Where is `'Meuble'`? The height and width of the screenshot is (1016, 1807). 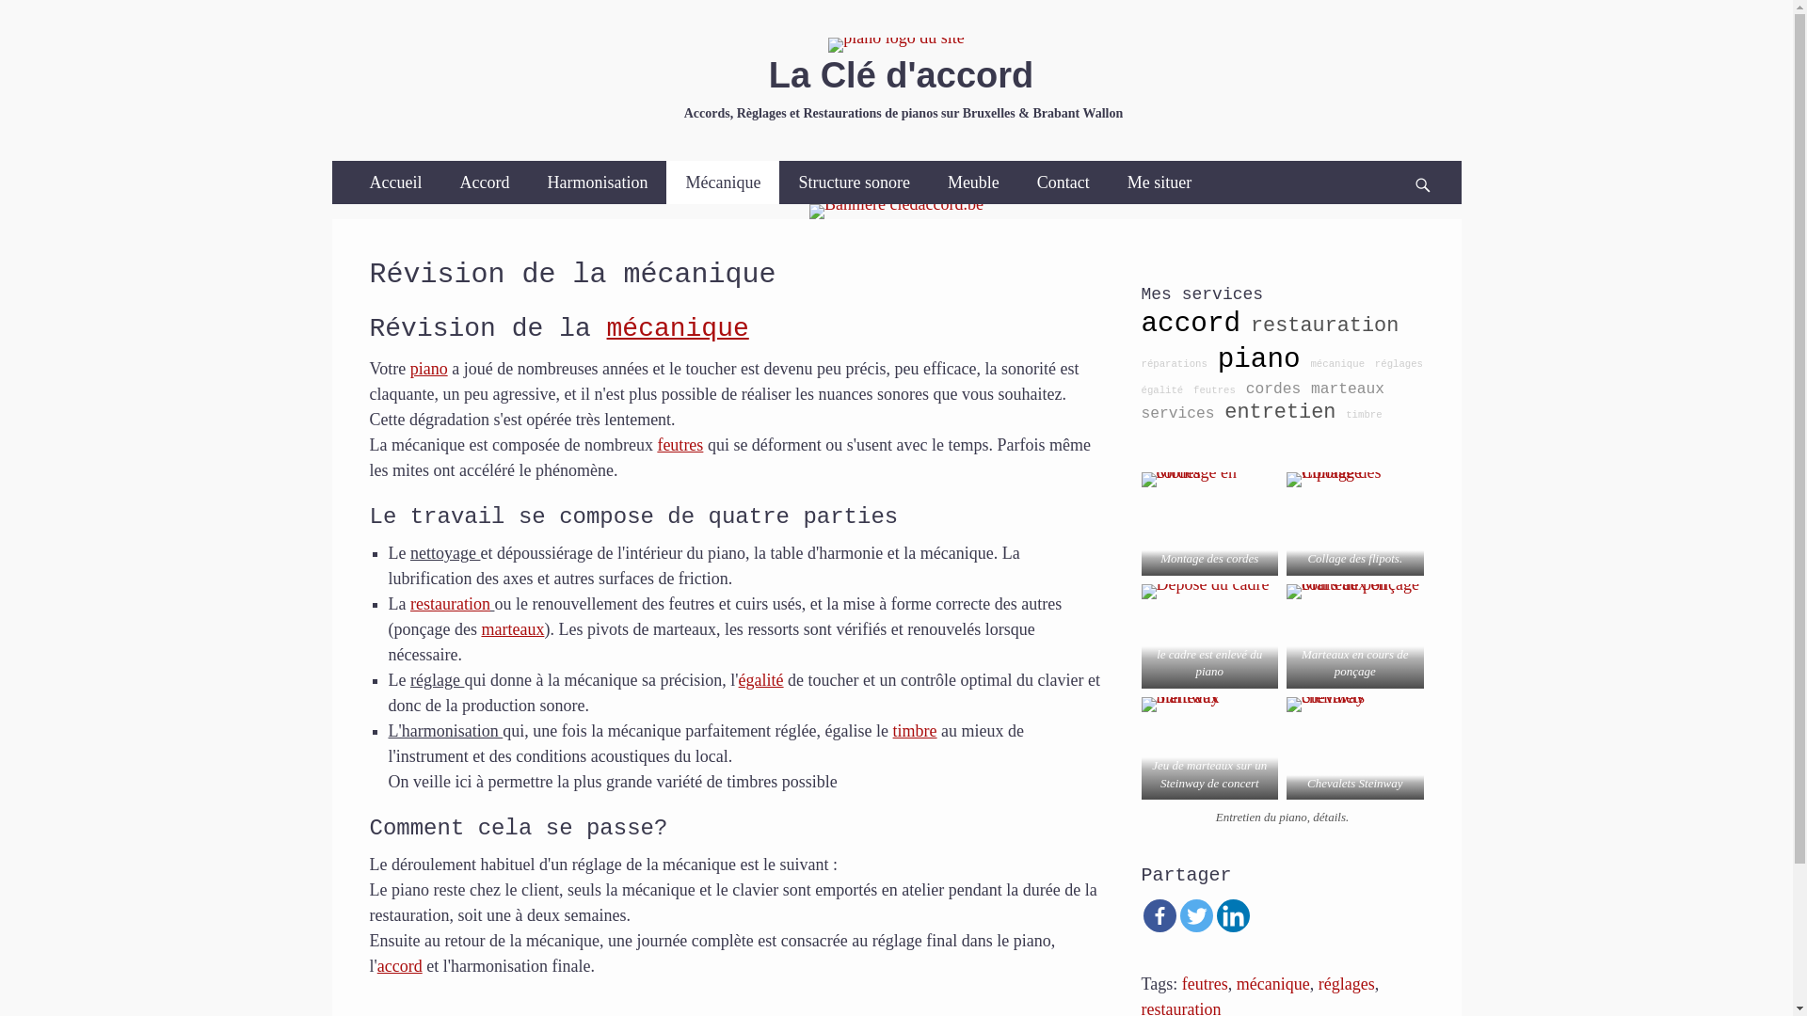 'Meuble' is located at coordinates (973, 182).